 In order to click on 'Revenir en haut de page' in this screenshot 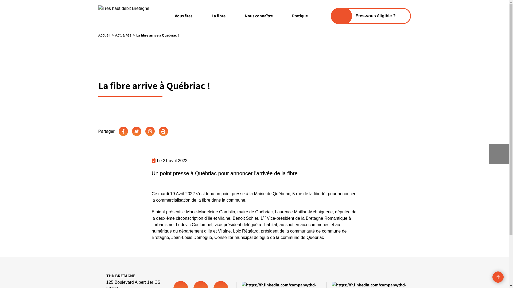, I will do `click(498, 277)`.